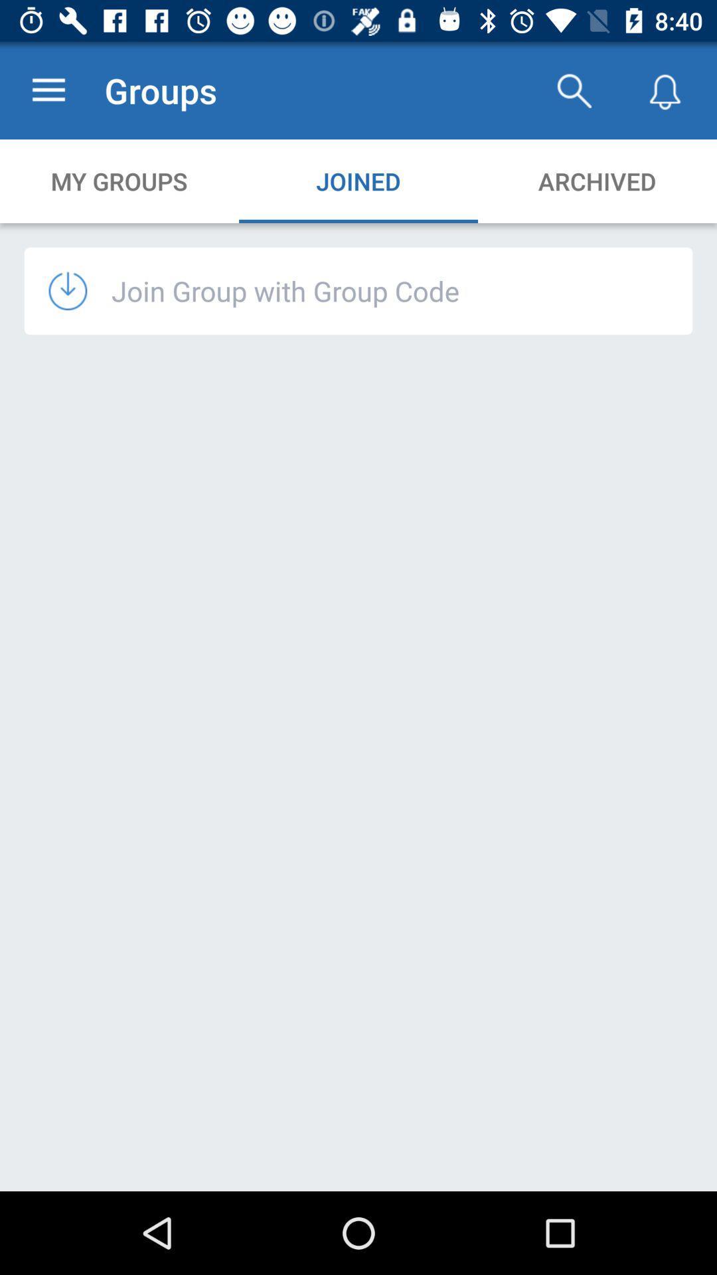  What do you see at coordinates (80, 290) in the screenshot?
I see `the icon to the left of join group with icon` at bounding box center [80, 290].